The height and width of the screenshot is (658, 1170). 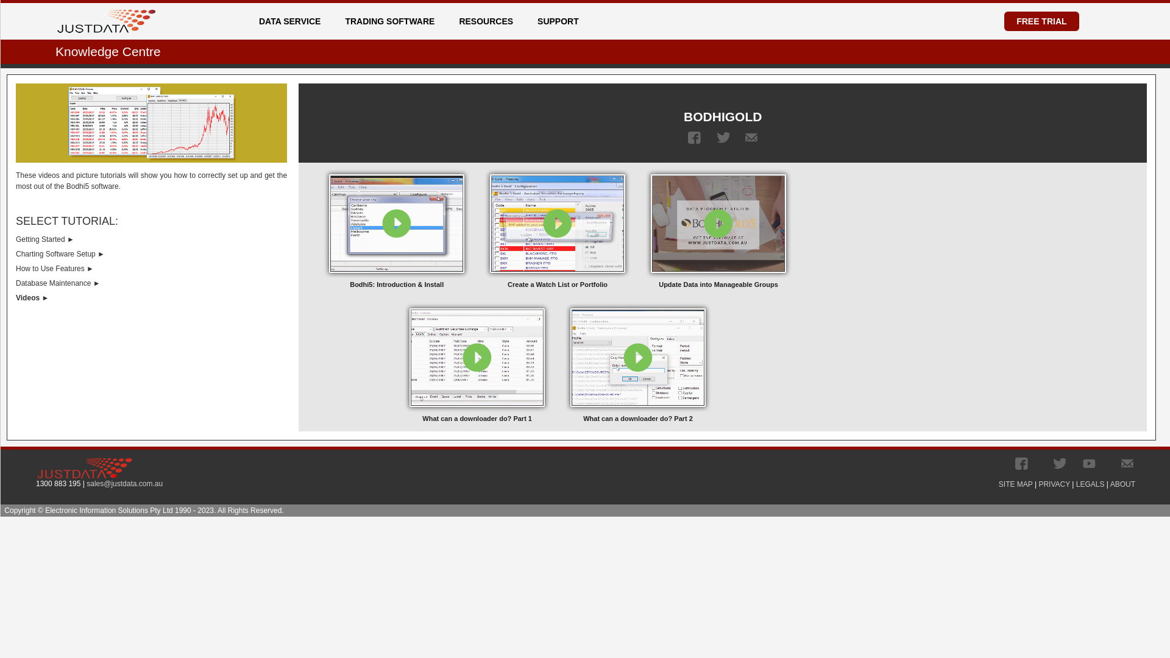 What do you see at coordinates (1126, 463) in the screenshot?
I see `' '` at bounding box center [1126, 463].